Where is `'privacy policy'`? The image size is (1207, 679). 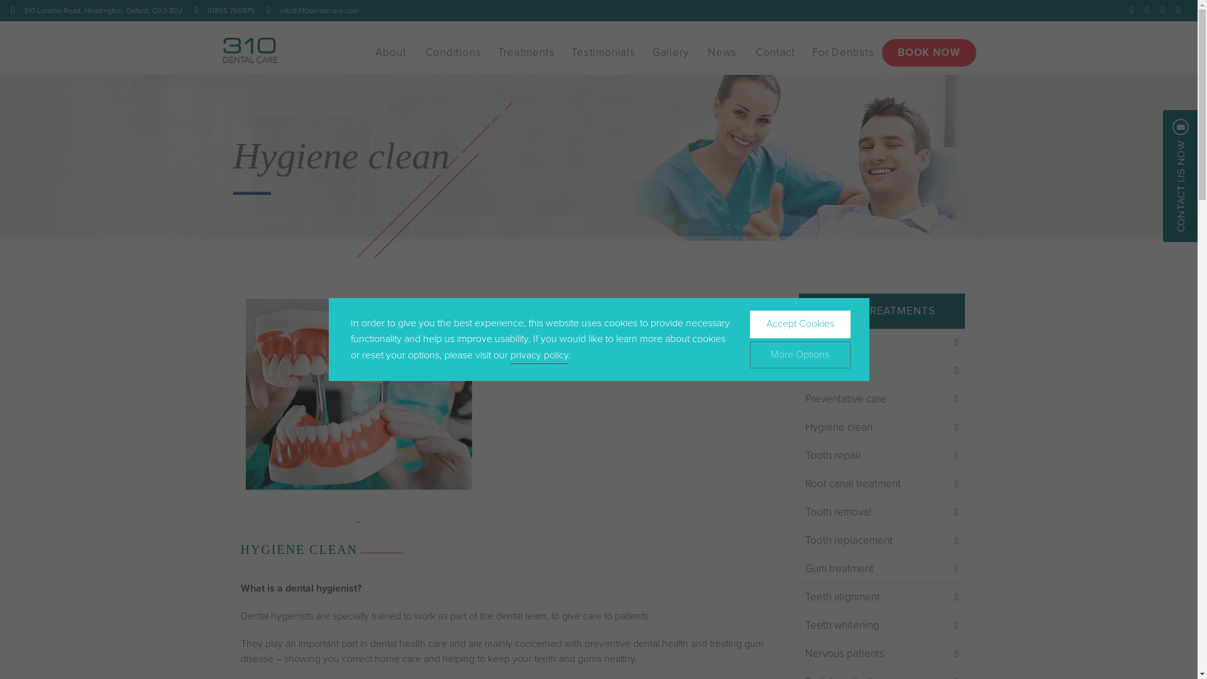 'privacy policy' is located at coordinates (539, 356).